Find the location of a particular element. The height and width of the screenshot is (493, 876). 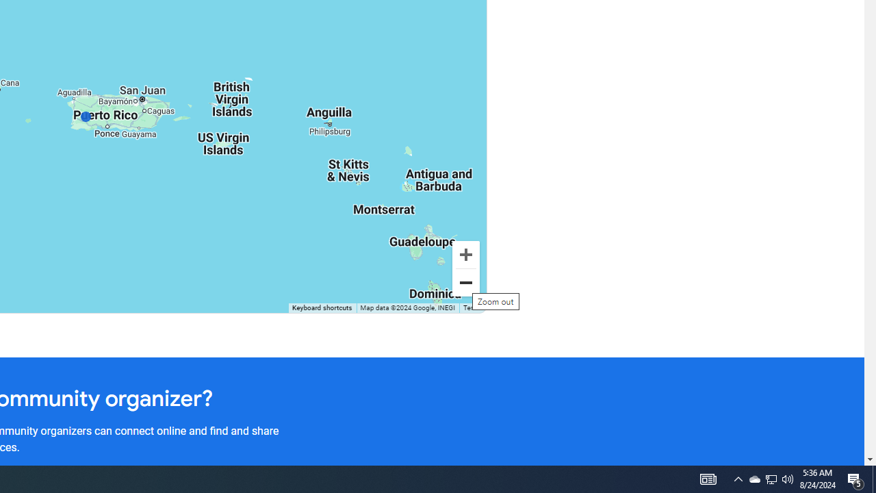

'Keyboard shortcuts' is located at coordinates (321, 308).